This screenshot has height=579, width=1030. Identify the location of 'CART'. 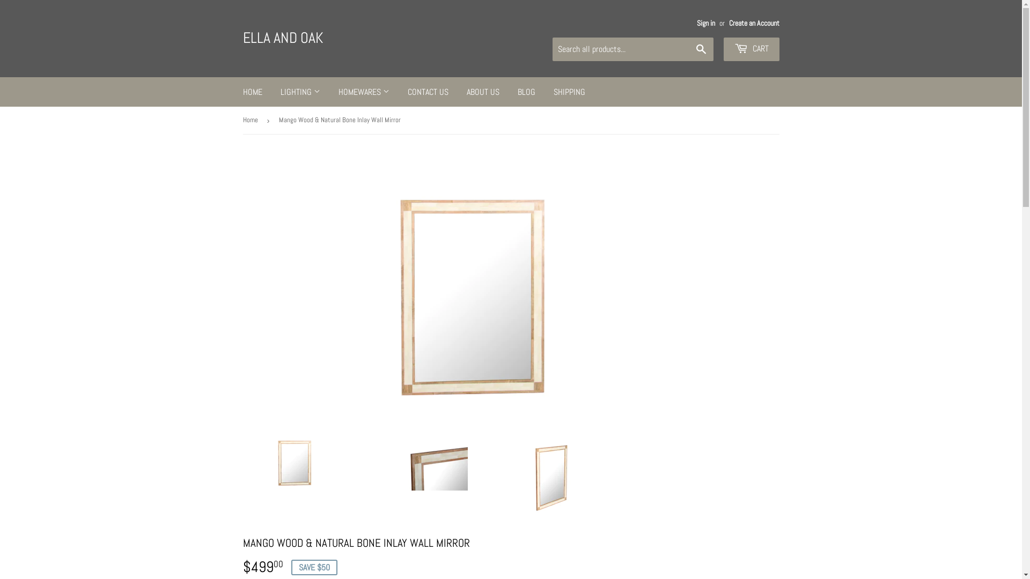
(751, 49).